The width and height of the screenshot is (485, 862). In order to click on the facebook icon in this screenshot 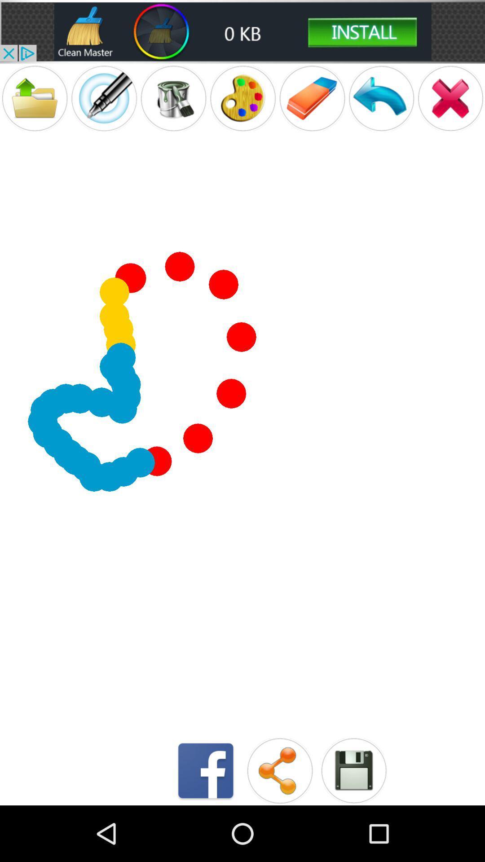, I will do `click(206, 825)`.